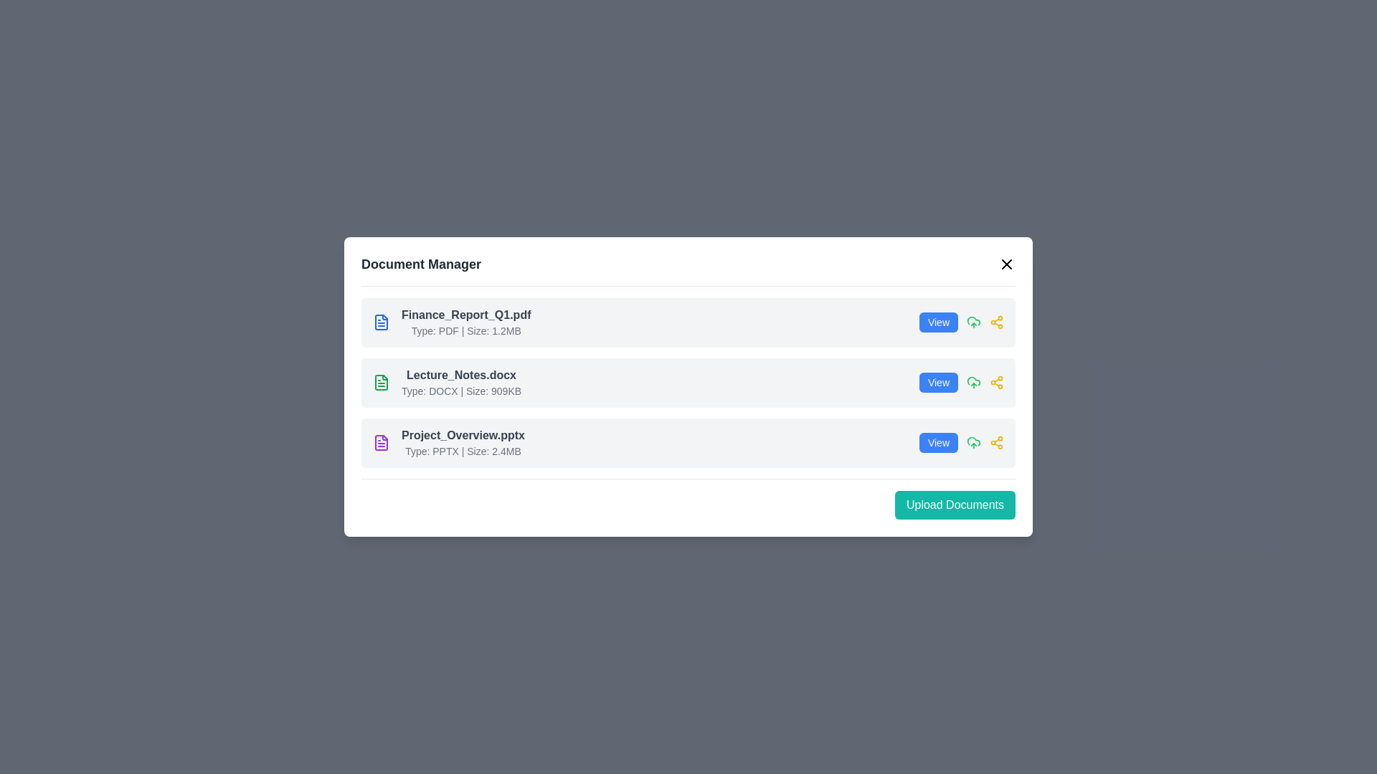 The image size is (1377, 774). What do you see at coordinates (461, 375) in the screenshot?
I see `the text label displaying the filename 'Lecture_Notes.docx', which appears in a bold, larger font style with a dark gray color within a document management interface` at bounding box center [461, 375].